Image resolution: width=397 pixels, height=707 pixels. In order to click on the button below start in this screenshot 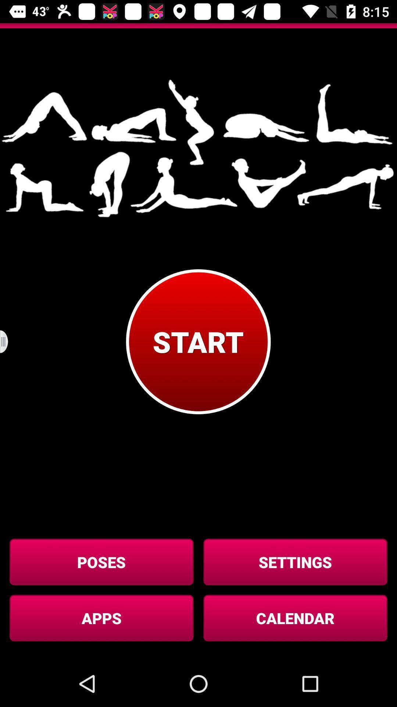, I will do `click(101, 562)`.